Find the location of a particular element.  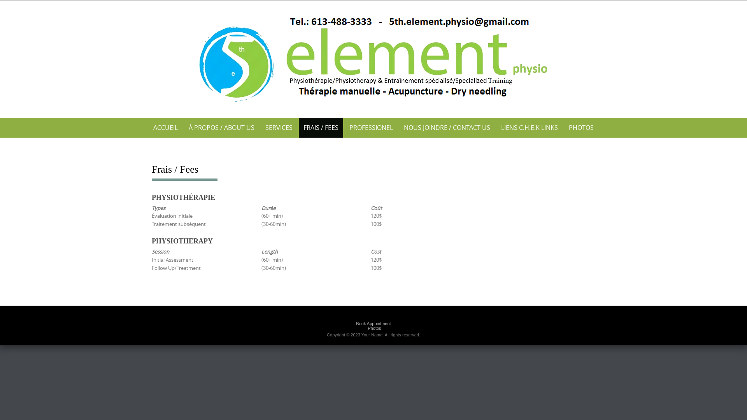

'Photos' is located at coordinates (374, 328).